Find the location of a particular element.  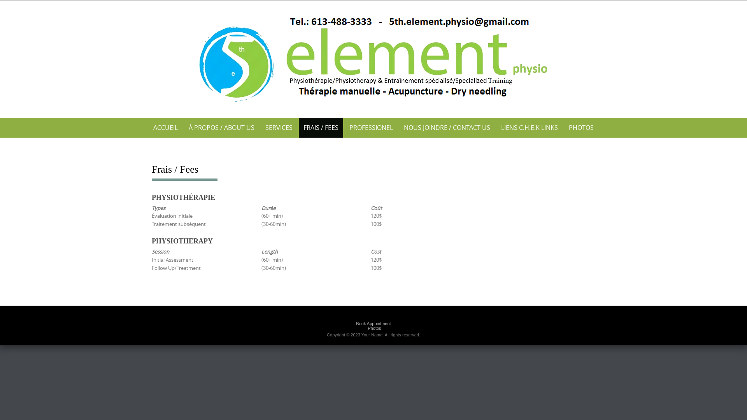

'Photos' is located at coordinates (374, 328).